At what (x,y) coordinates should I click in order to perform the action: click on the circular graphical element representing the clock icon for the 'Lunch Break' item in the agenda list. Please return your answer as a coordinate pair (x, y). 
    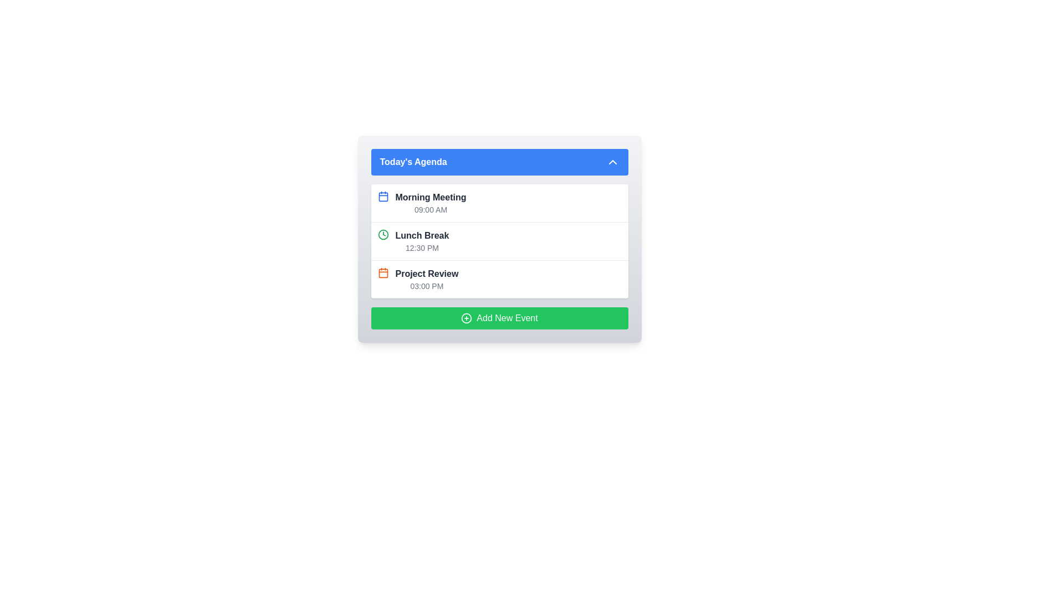
    Looking at the image, I should click on (383, 234).